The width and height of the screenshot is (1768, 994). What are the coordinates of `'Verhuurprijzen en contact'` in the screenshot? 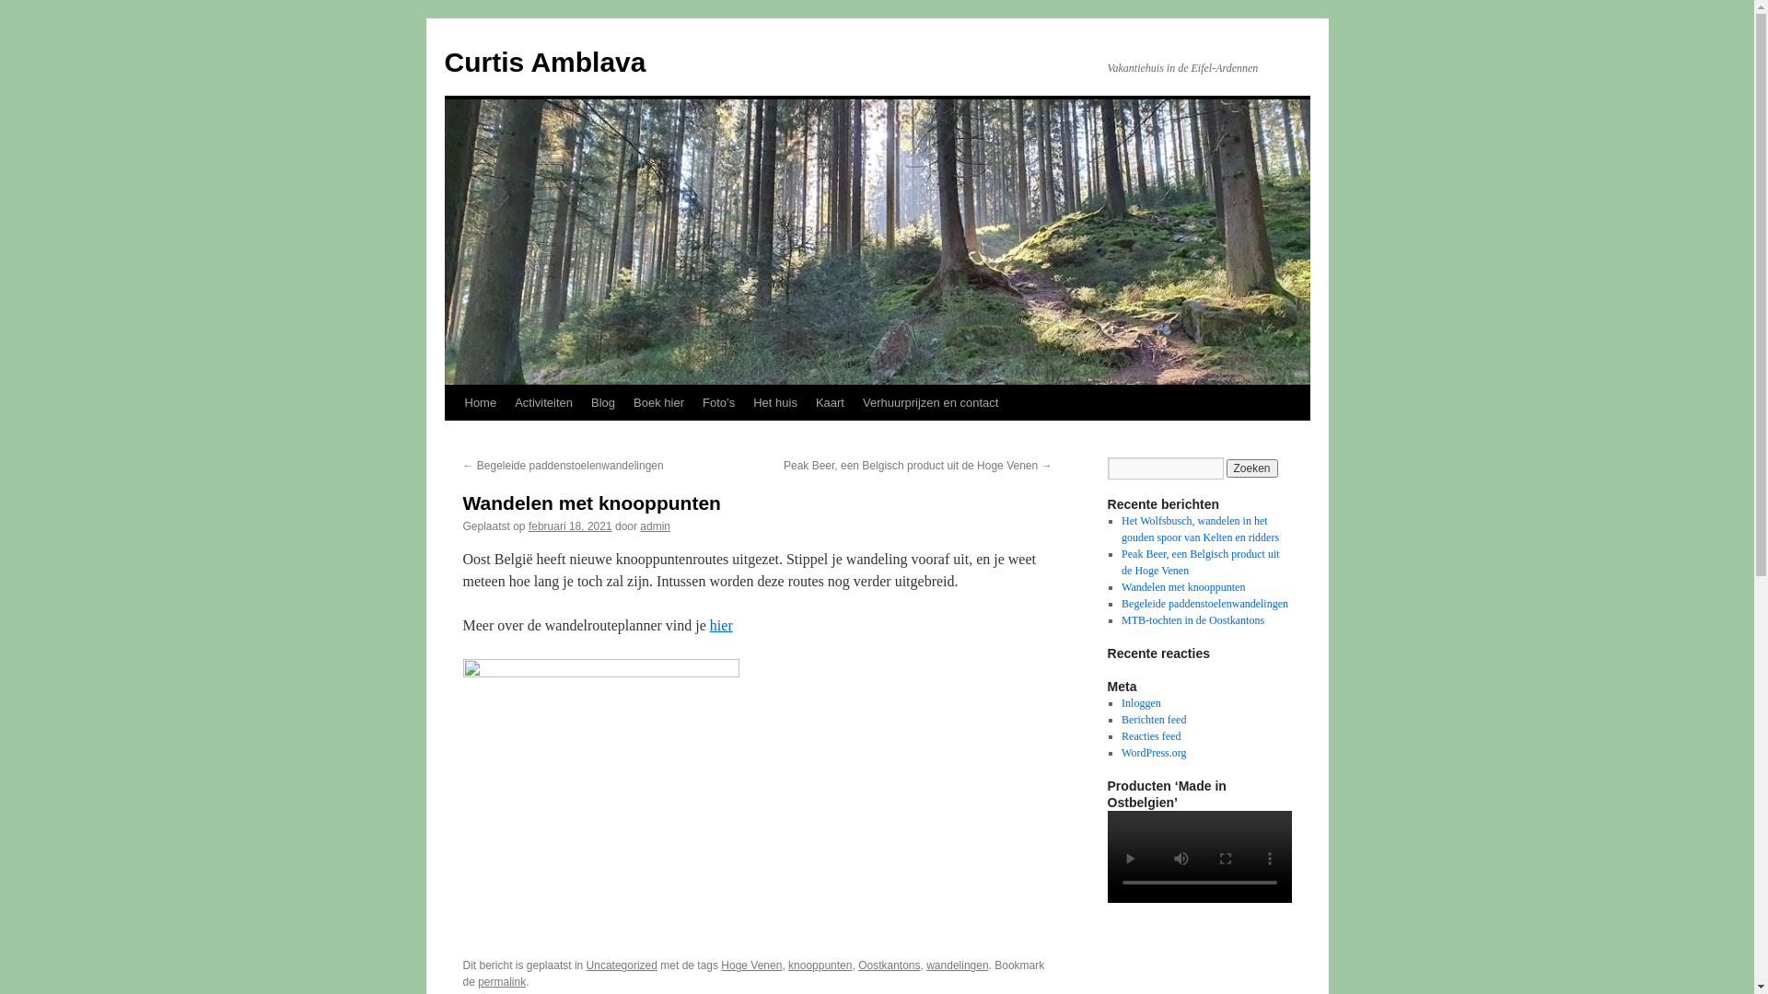 It's located at (930, 402).